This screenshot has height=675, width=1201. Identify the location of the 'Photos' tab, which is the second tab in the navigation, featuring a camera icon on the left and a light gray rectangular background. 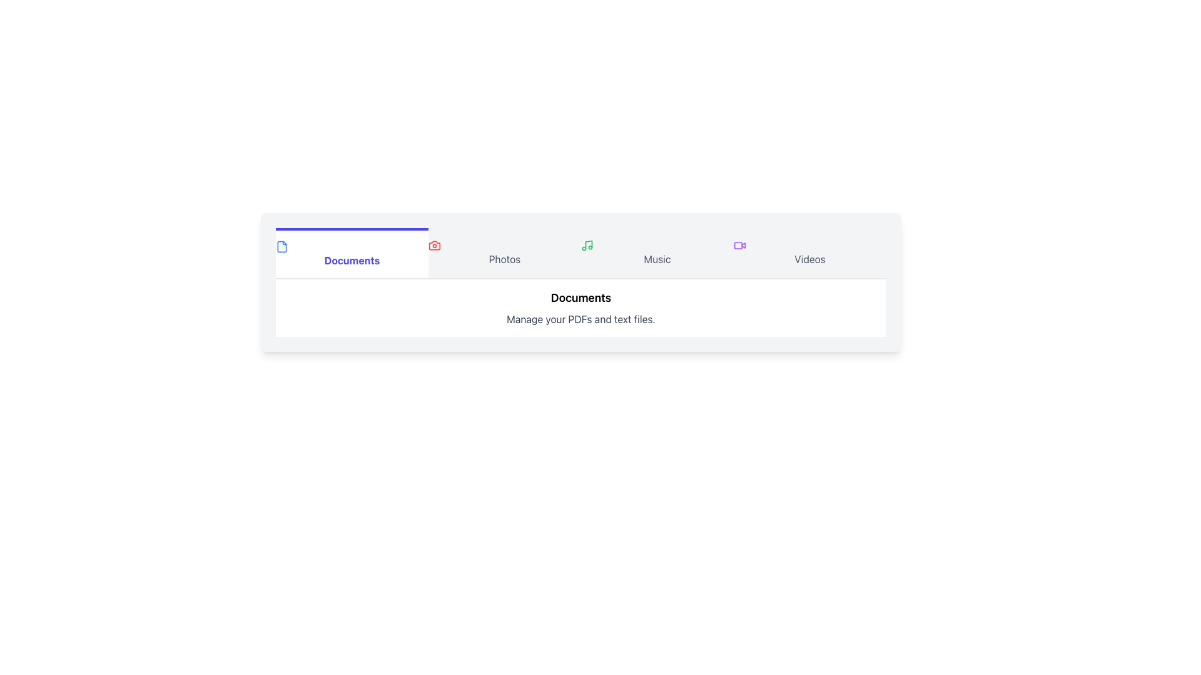
(504, 253).